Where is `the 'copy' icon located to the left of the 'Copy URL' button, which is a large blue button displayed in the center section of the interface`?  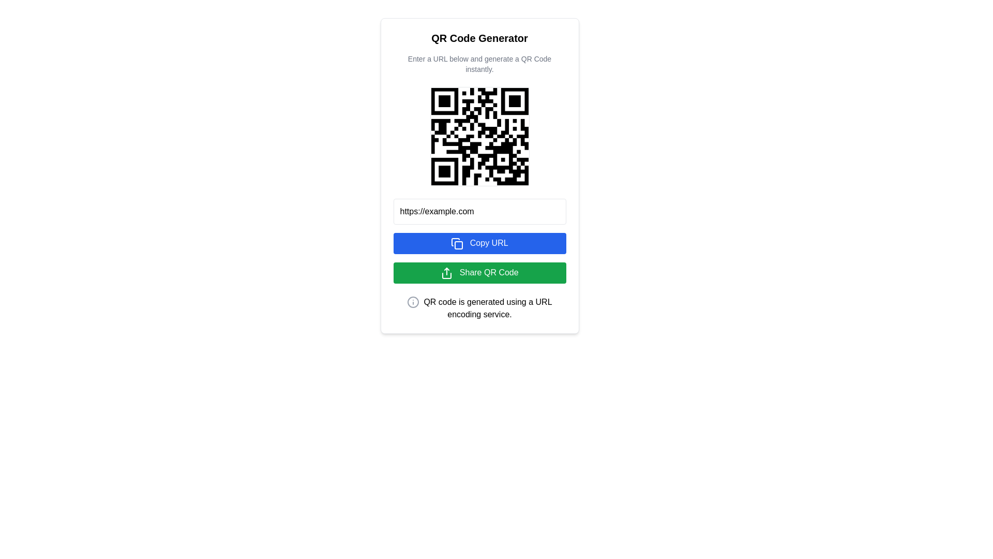
the 'copy' icon located to the left of the 'Copy URL' button, which is a large blue button displayed in the center section of the interface is located at coordinates (457, 243).